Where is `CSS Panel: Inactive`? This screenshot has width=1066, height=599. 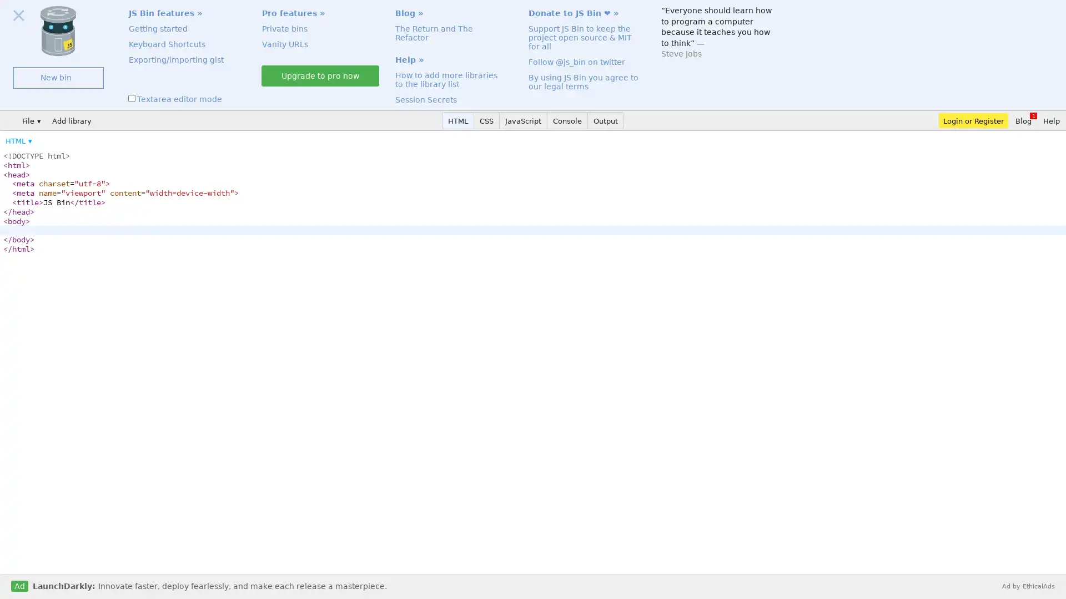 CSS Panel: Inactive is located at coordinates (487, 120).